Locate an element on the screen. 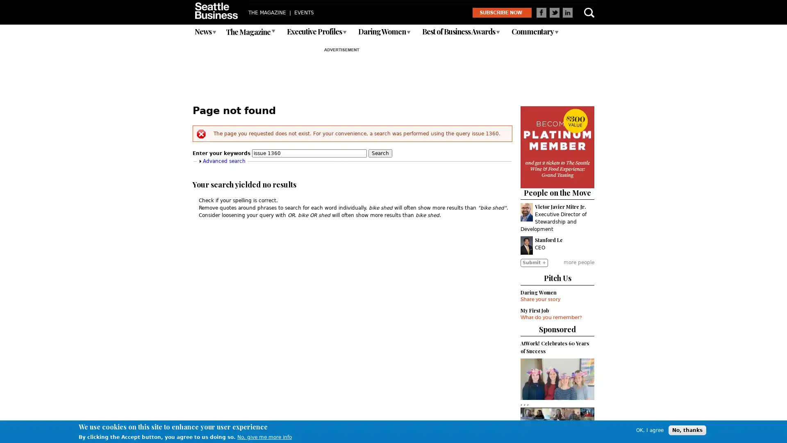 The width and height of the screenshot is (787, 443). No, thanks is located at coordinates (687, 429).